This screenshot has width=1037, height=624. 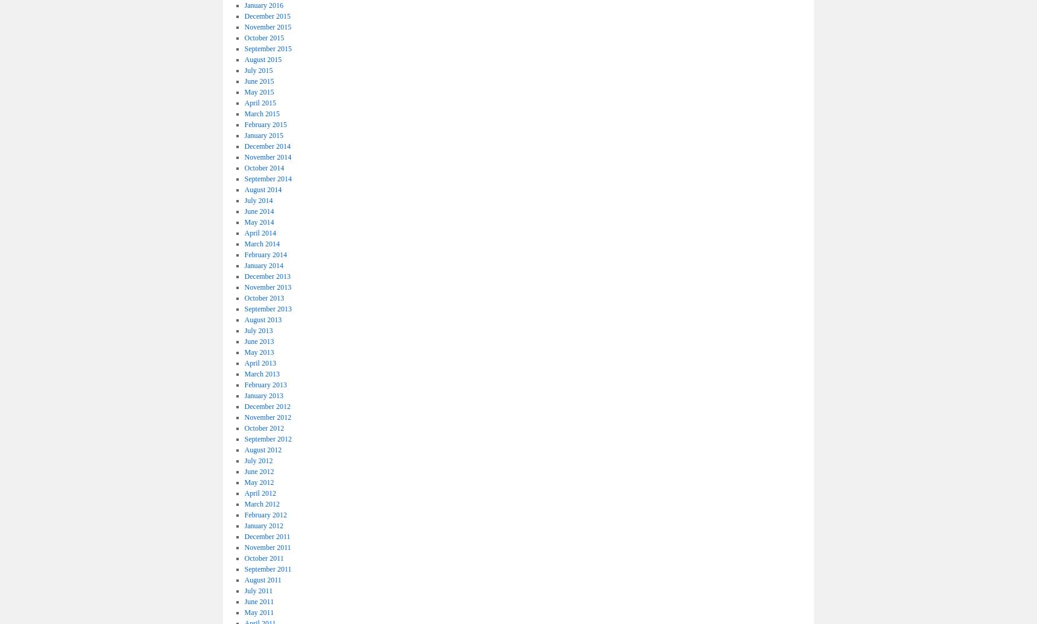 I want to click on 'July 2011', so click(x=258, y=590).